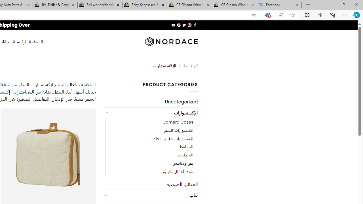 This screenshot has height=204, width=363. What do you see at coordinates (279, 5) in the screenshot?
I see `'Facebook'` at bounding box center [279, 5].